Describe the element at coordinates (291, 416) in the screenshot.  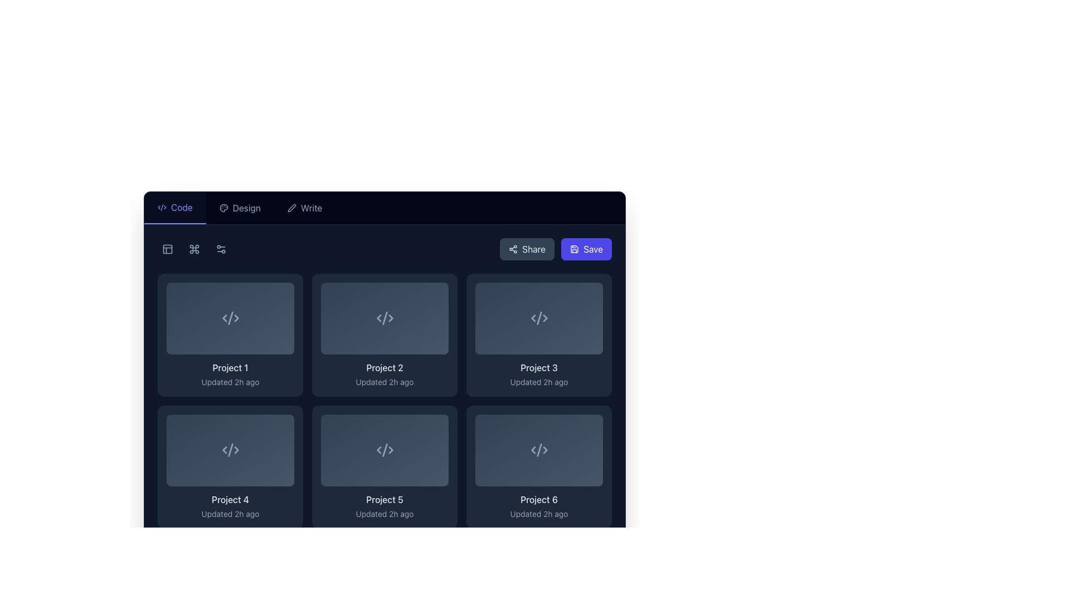
I see `the interactive utility icon located at the top-right corner of the 'Project 4' card` at that location.